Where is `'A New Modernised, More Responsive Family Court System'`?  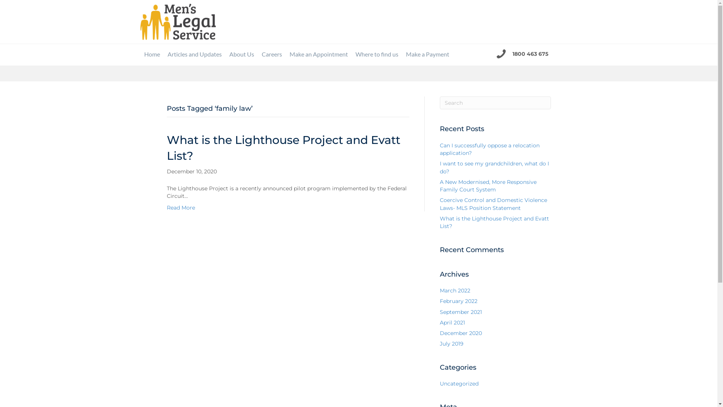 'A New Modernised, More Responsive Family Court System' is located at coordinates (488, 186).